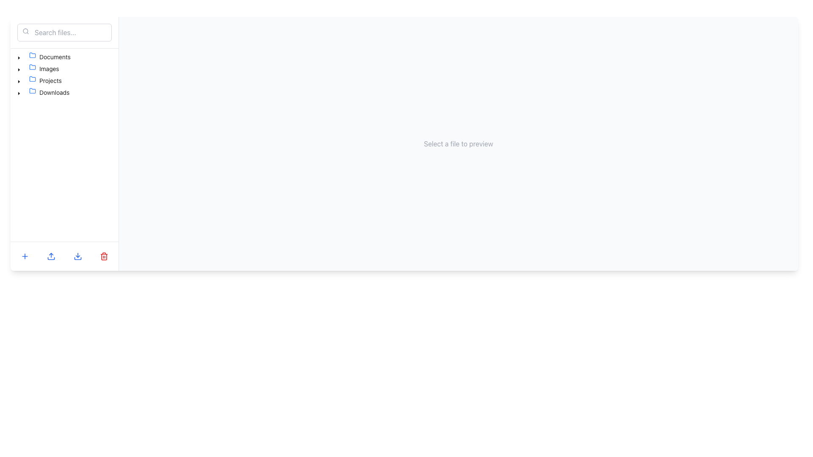  What do you see at coordinates (54, 92) in the screenshot?
I see `the label element for the 'Downloads' folder` at bounding box center [54, 92].